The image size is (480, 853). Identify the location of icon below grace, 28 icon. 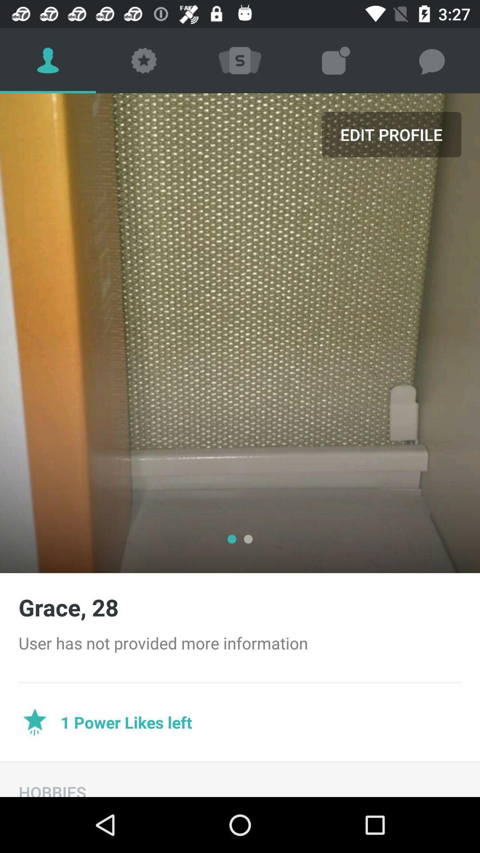
(240, 643).